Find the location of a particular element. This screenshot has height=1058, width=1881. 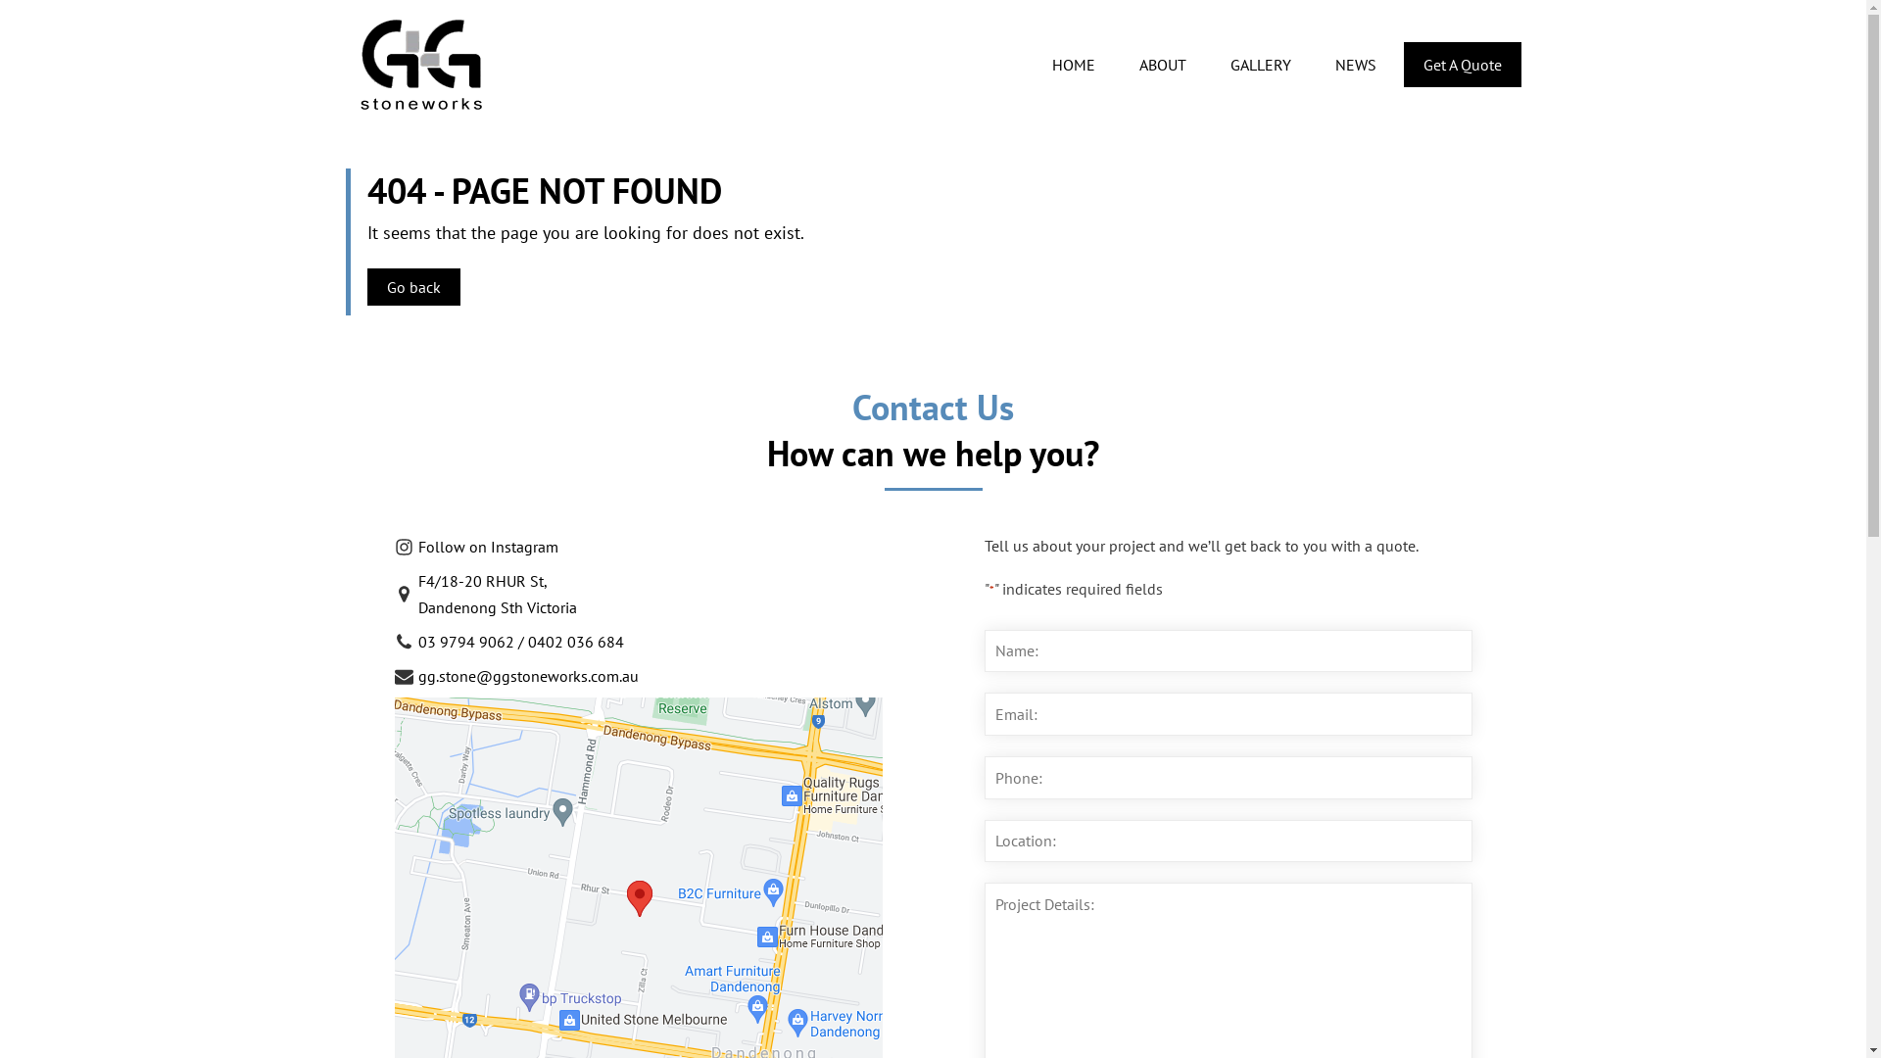

'ABOUT' is located at coordinates (1163, 63).